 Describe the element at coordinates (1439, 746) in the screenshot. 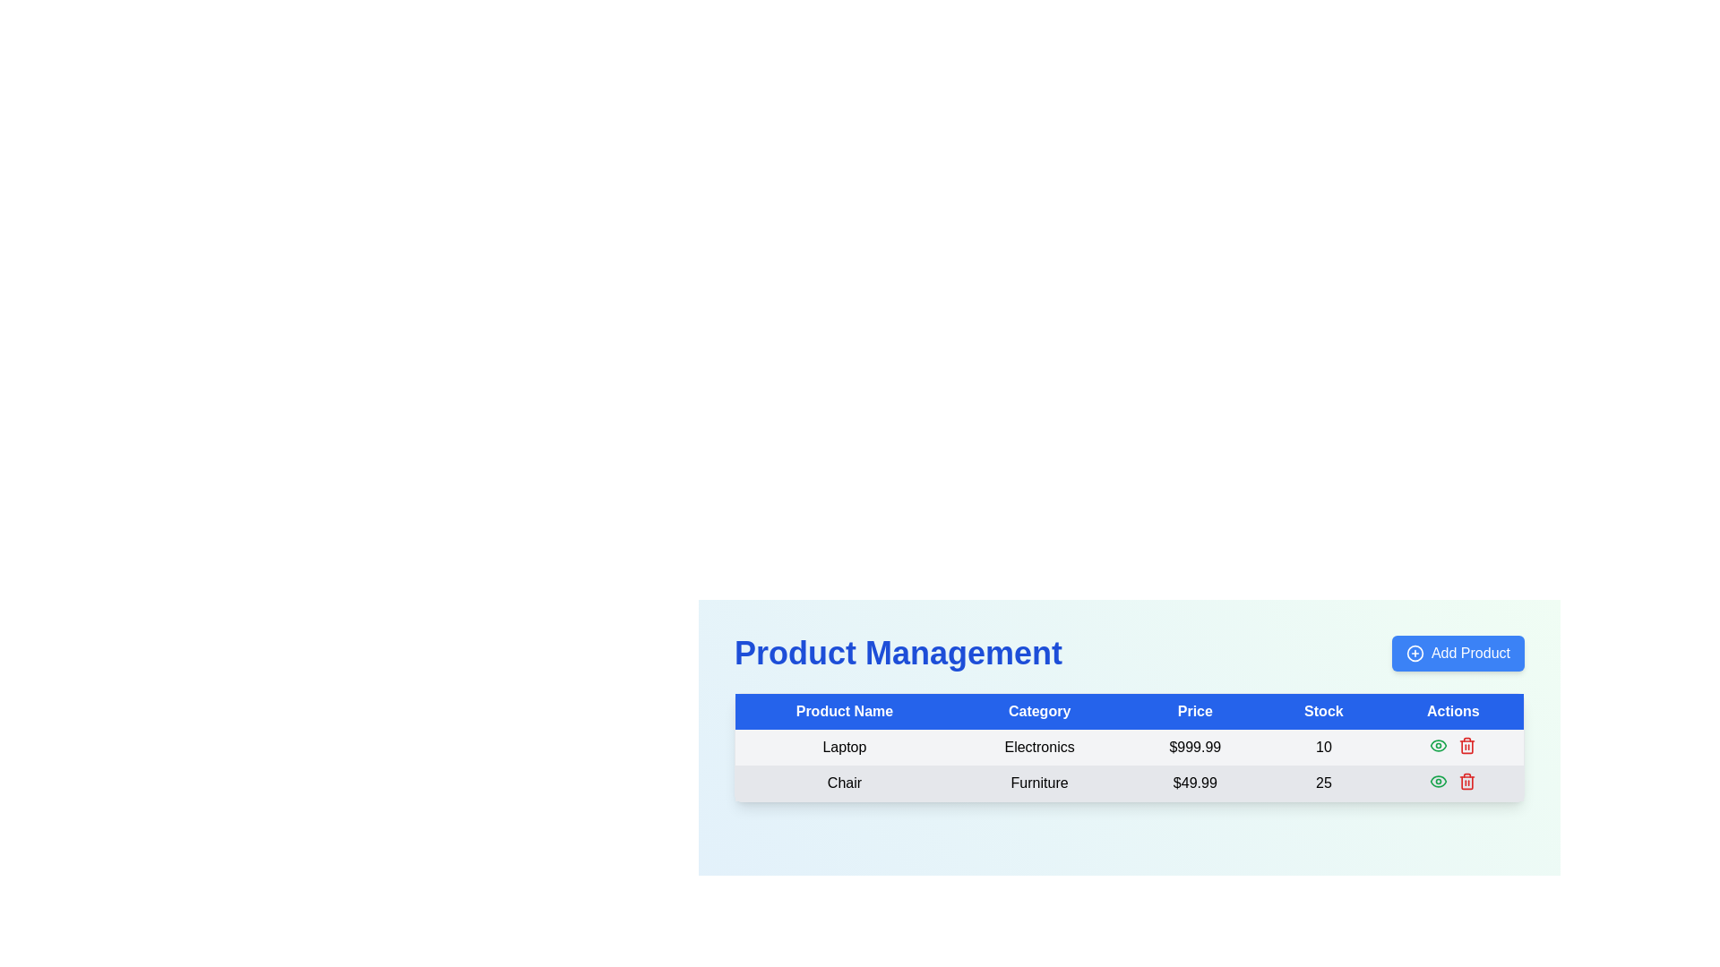

I see `the green eye-shaped icon button in the 'Actions' column of the 'Product Management' table` at that location.